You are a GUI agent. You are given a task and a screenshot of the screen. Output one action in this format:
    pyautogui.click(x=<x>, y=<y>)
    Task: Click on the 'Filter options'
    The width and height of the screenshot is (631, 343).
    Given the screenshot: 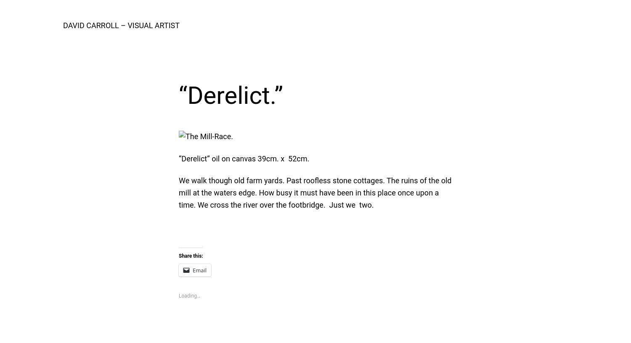 What is the action you would take?
    pyautogui.click(x=495, y=55)
    